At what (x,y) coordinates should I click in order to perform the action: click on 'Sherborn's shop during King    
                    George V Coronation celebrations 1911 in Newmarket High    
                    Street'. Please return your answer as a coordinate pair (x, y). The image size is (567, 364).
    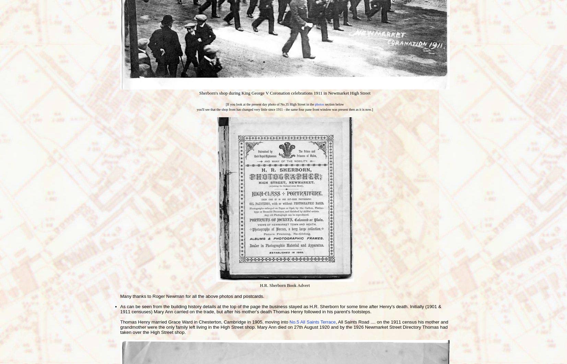
    Looking at the image, I should click on (199, 93).